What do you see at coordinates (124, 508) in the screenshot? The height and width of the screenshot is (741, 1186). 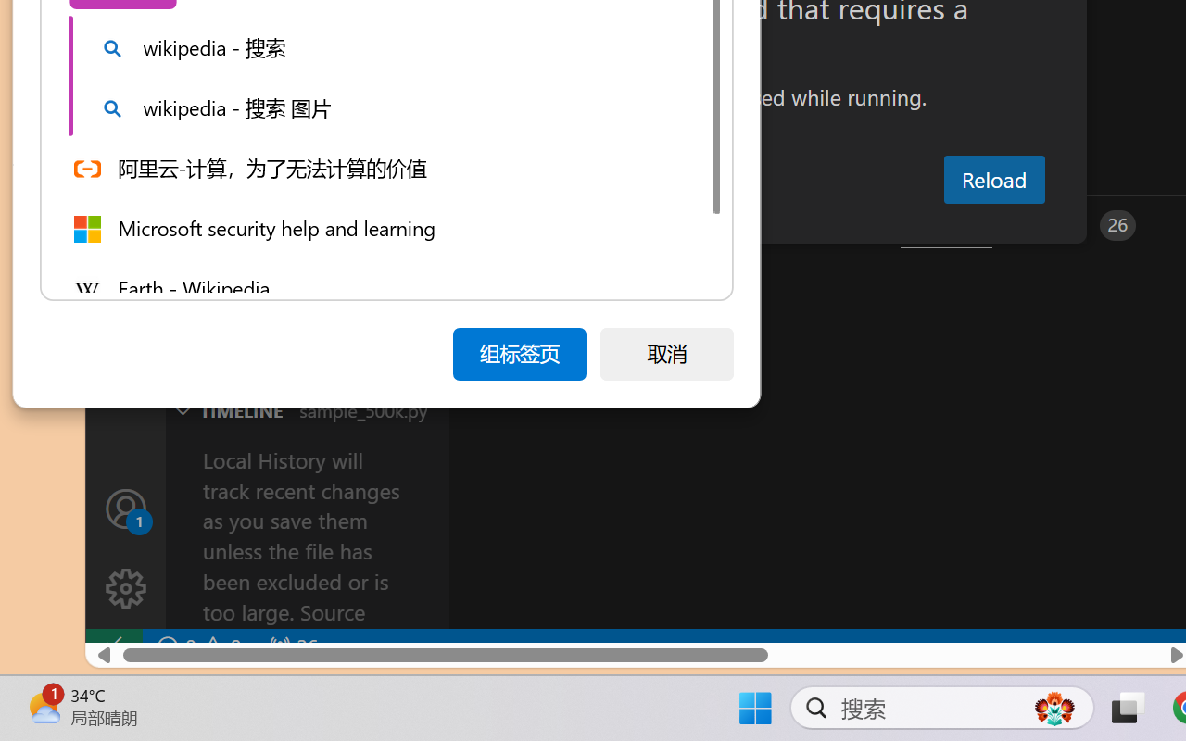 I see `'Accounts - Sign in requested'` at bounding box center [124, 508].